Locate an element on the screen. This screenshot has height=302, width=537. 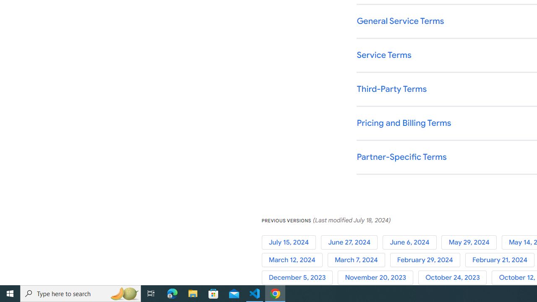
'March 12, 2024' is located at coordinates (295, 260).